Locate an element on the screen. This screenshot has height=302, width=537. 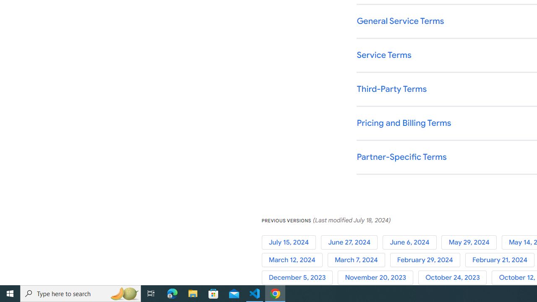
'March 12, 2024' is located at coordinates (295, 260).